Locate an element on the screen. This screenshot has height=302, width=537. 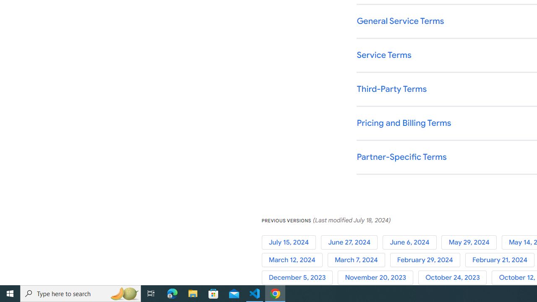
'March 12, 2024' is located at coordinates (295, 260).